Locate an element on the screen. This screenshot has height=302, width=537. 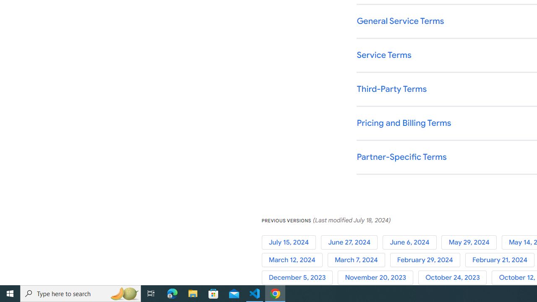
'March 12, 2024' is located at coordinates (295, 260).